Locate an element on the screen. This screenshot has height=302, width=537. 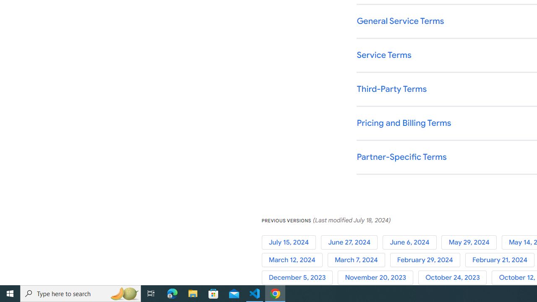
'March 12, 2024' is located at coordinates (295, 260).